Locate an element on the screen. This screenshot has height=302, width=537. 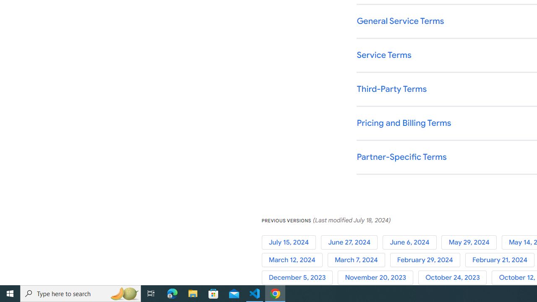
'March 12, 2024' is located at coordinates (295, 260).